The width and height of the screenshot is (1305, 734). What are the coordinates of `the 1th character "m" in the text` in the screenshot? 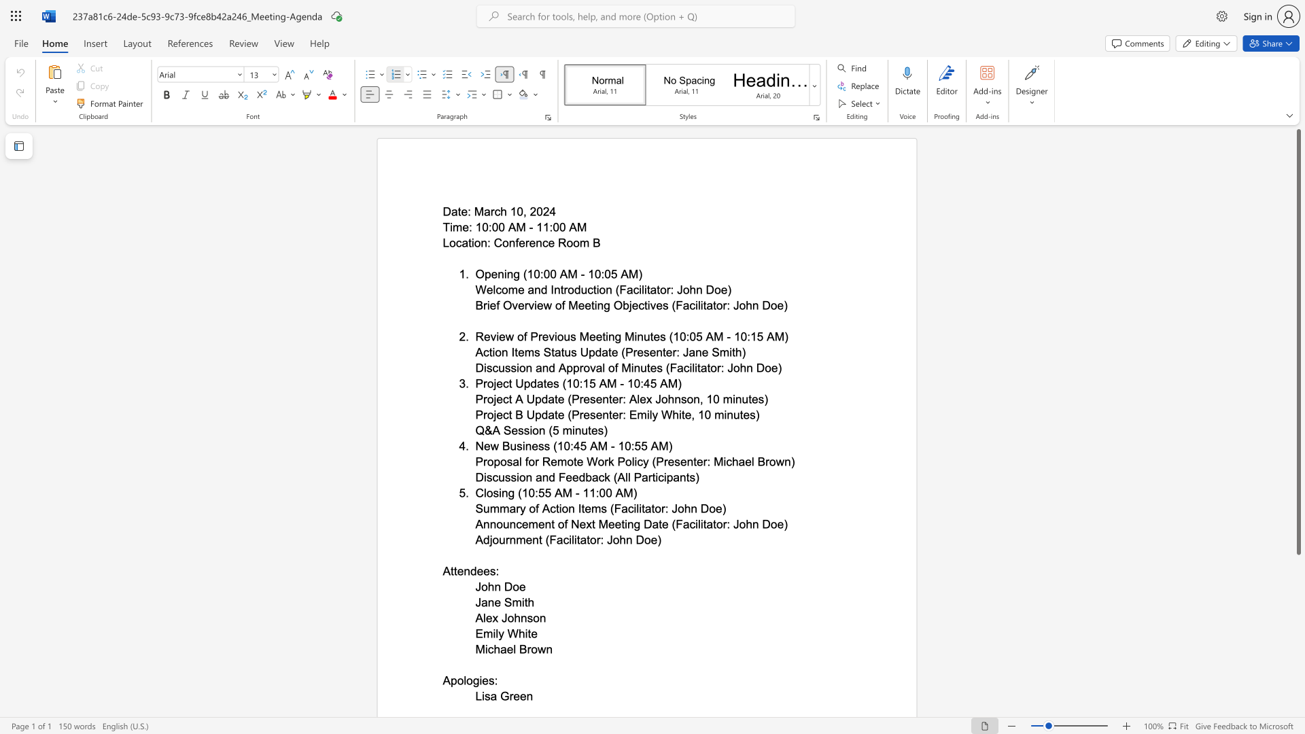 It's located at (528, 351).